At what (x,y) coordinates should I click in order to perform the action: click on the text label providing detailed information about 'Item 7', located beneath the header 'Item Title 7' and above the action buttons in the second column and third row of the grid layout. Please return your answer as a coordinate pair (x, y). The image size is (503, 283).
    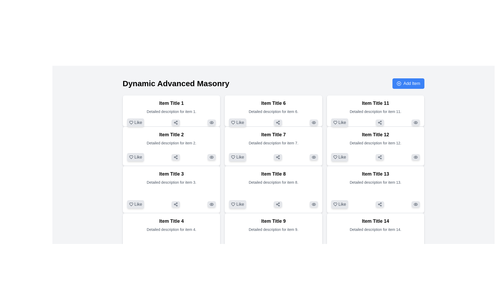
    Looking at the image, I should click on (273, 143).